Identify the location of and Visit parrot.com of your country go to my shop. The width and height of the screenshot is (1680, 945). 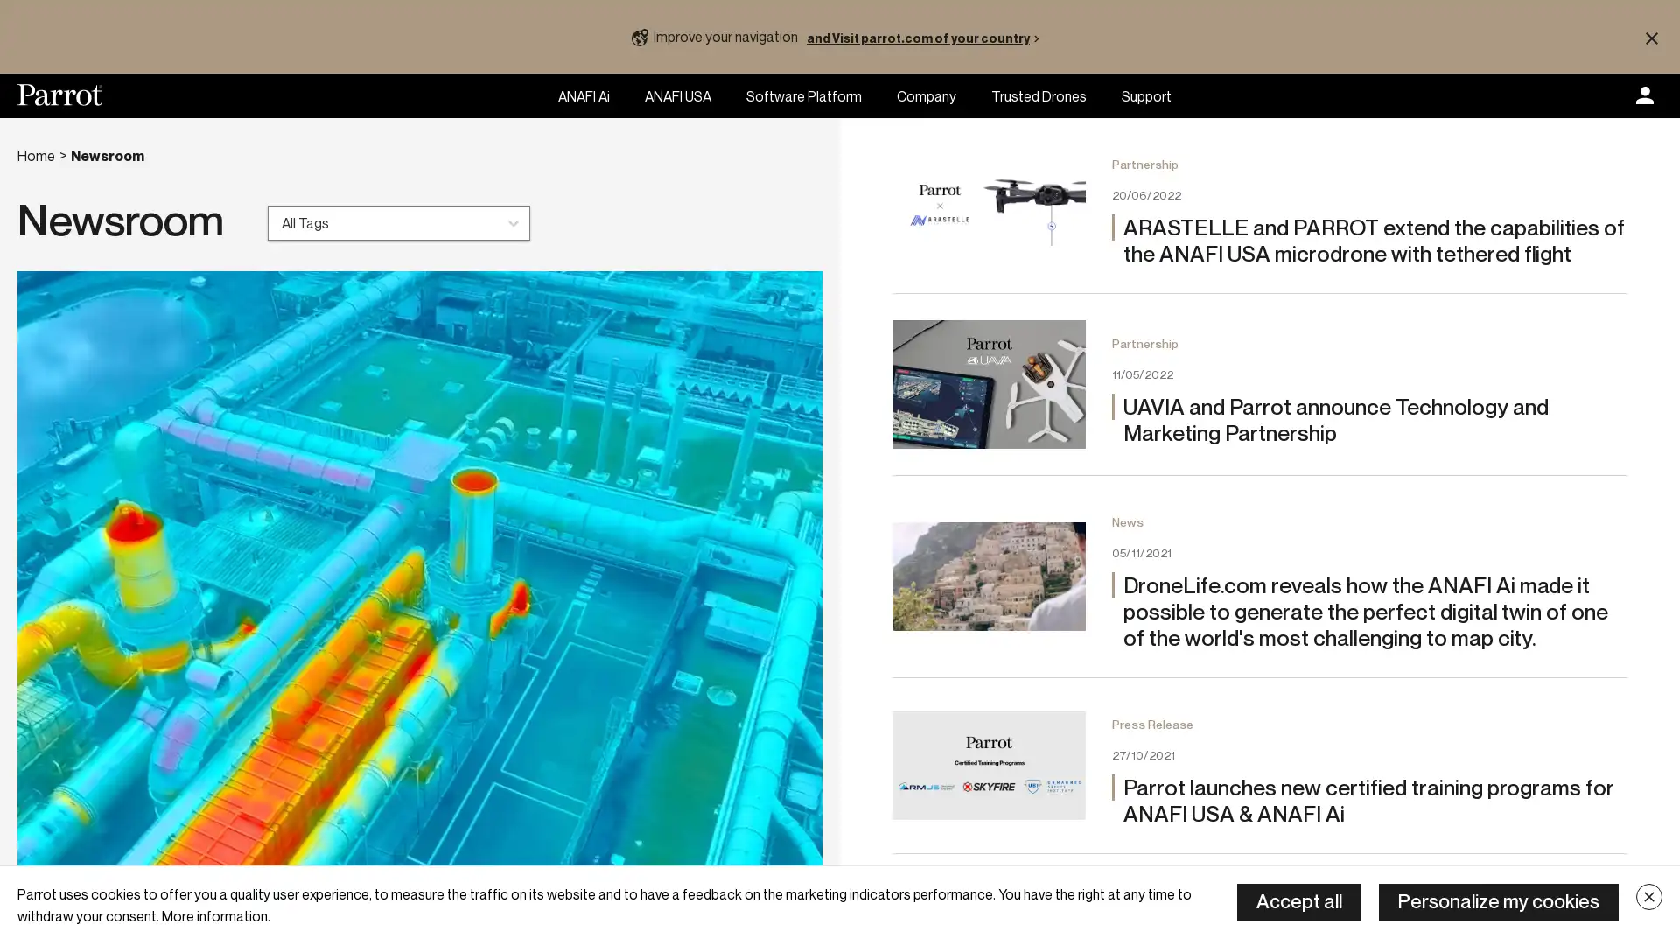
(926, 37).